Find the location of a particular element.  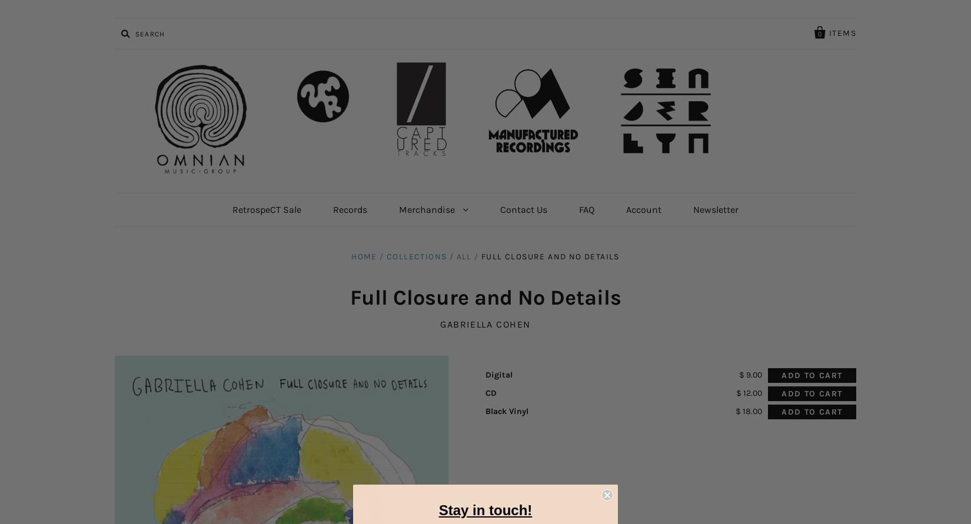

'Account' is located at coordinates (626, 209).